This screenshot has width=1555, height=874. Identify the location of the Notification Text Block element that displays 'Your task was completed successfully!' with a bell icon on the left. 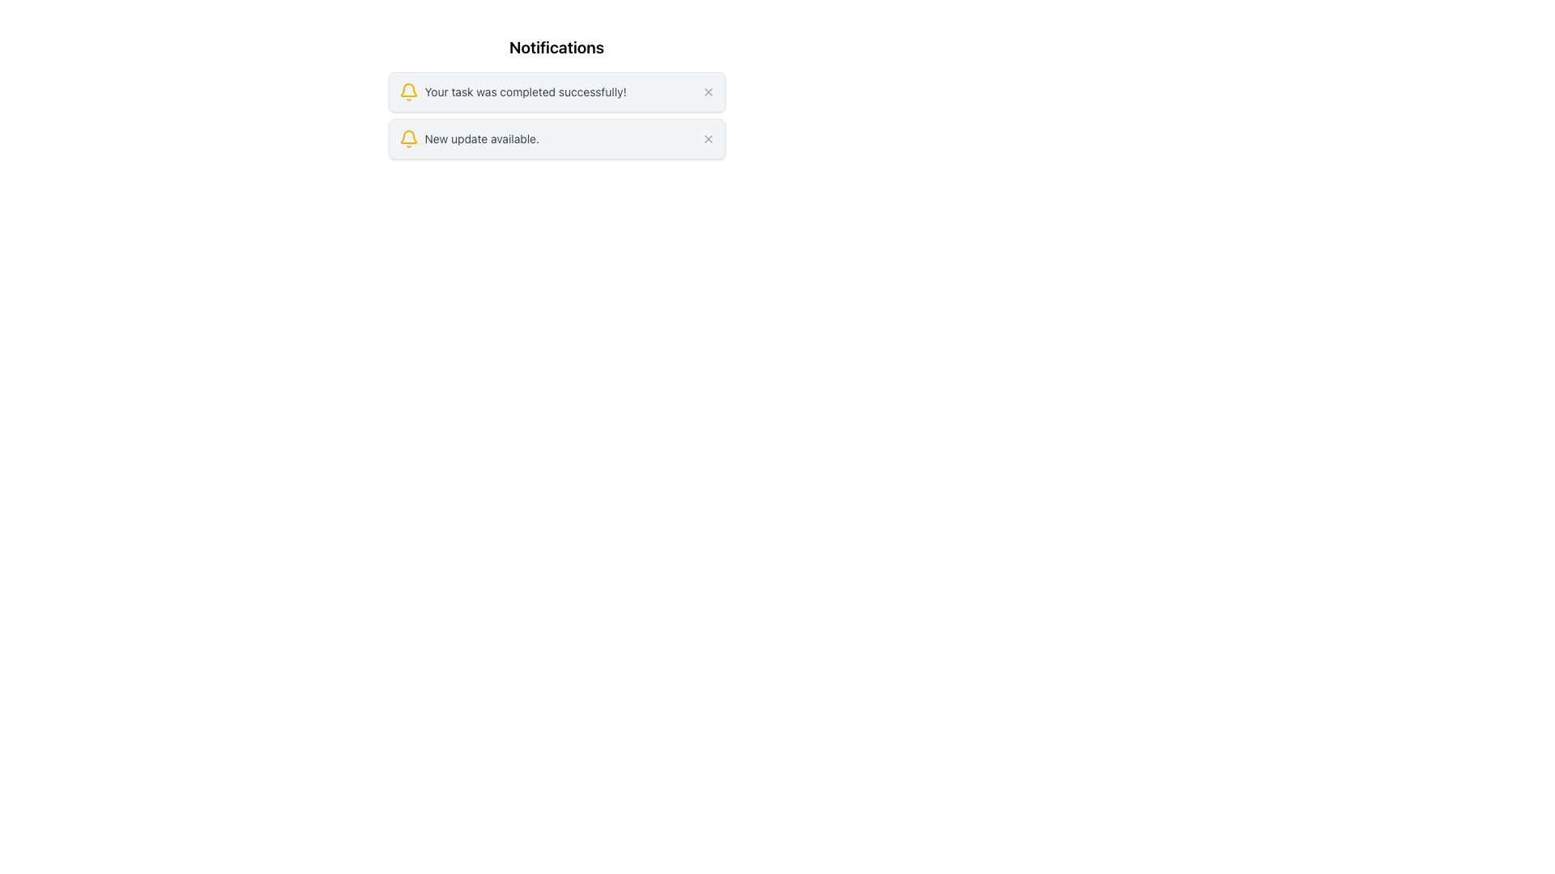
(512, 92).